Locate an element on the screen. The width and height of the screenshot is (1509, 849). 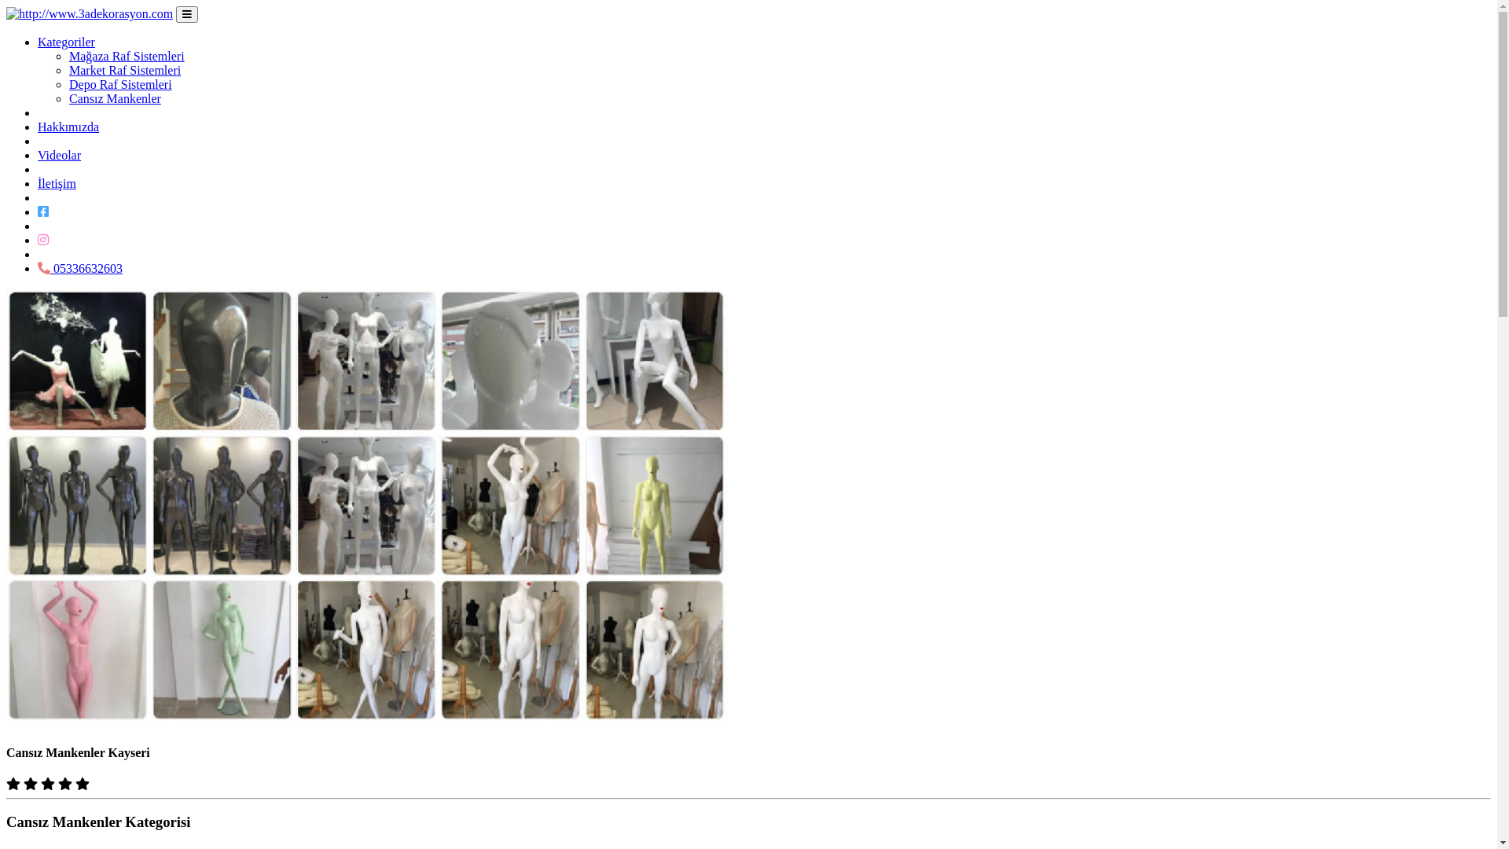
'Market Raf Sistemleri' is located at coordinates (123, 69).